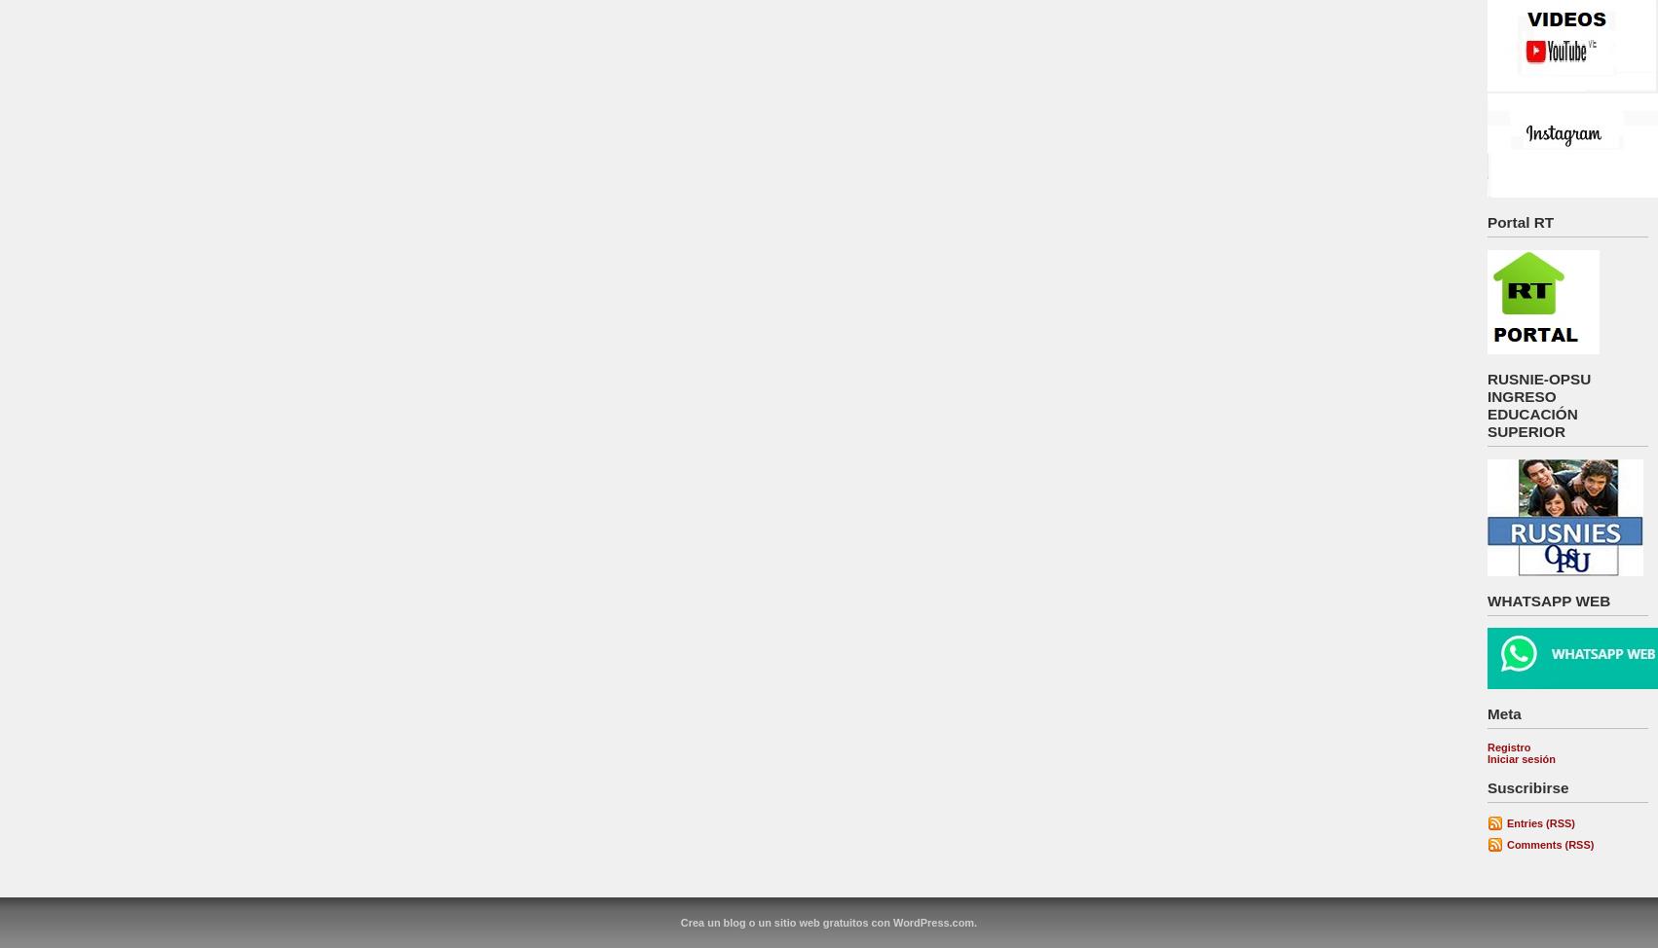 This screenshot has height=948, width=1658. Describe the element at coordinates (1539, 822) in the screenshot. I see `'Entries (RSS)'` at that location.